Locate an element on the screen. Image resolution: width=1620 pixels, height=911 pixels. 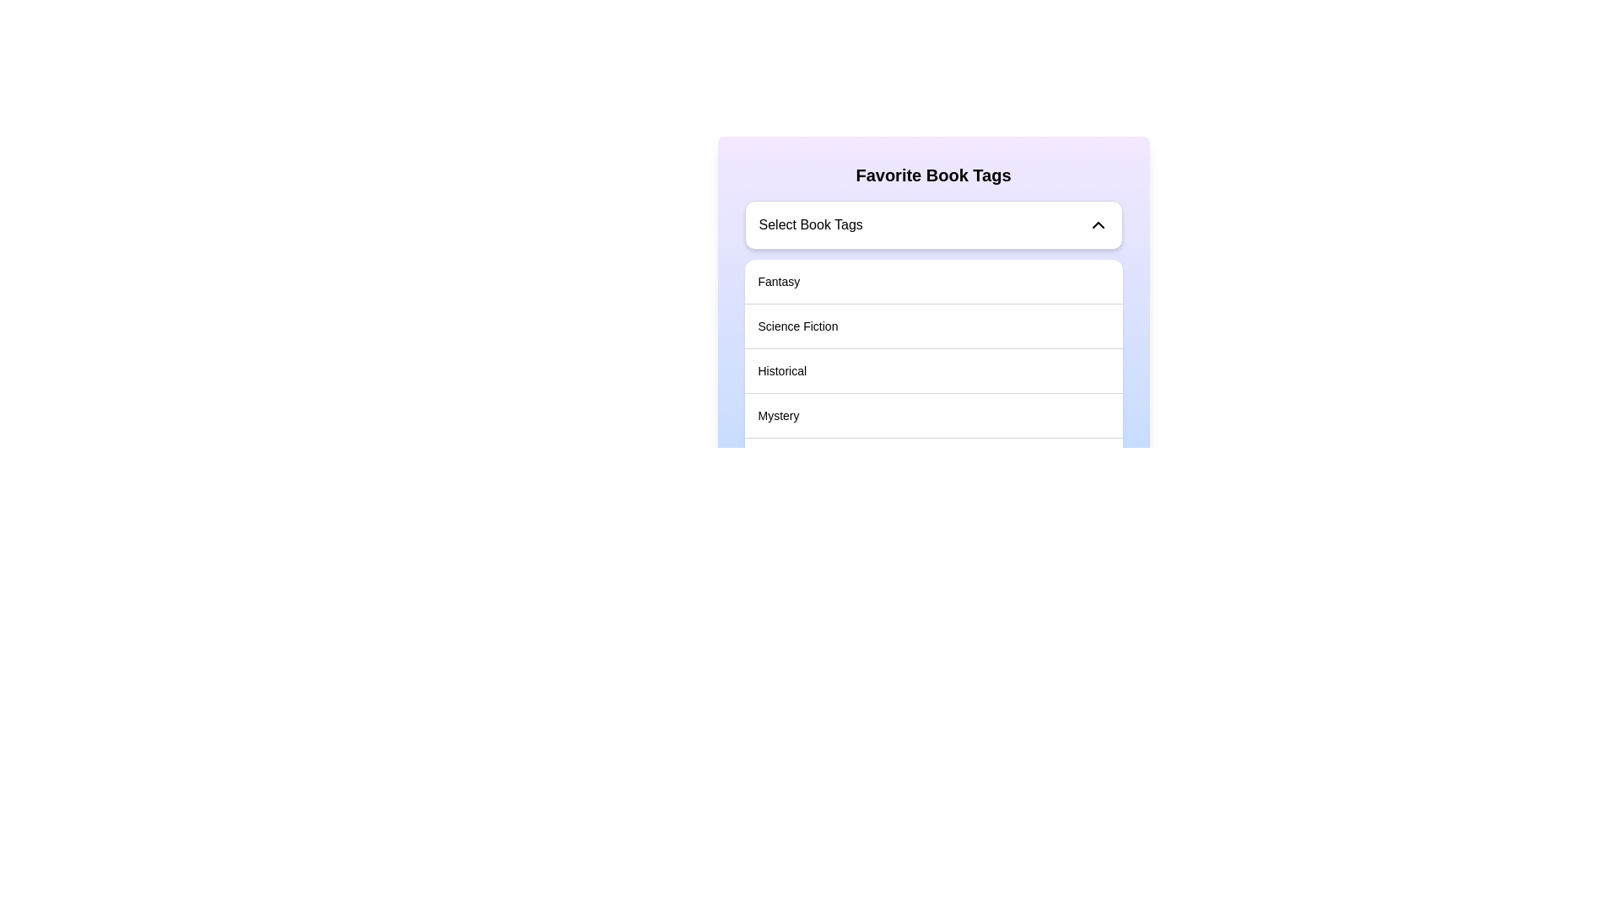
the 'Mystery' option in the dropdown list under 'Select Book Tags' is located at coordinates (777, 416).